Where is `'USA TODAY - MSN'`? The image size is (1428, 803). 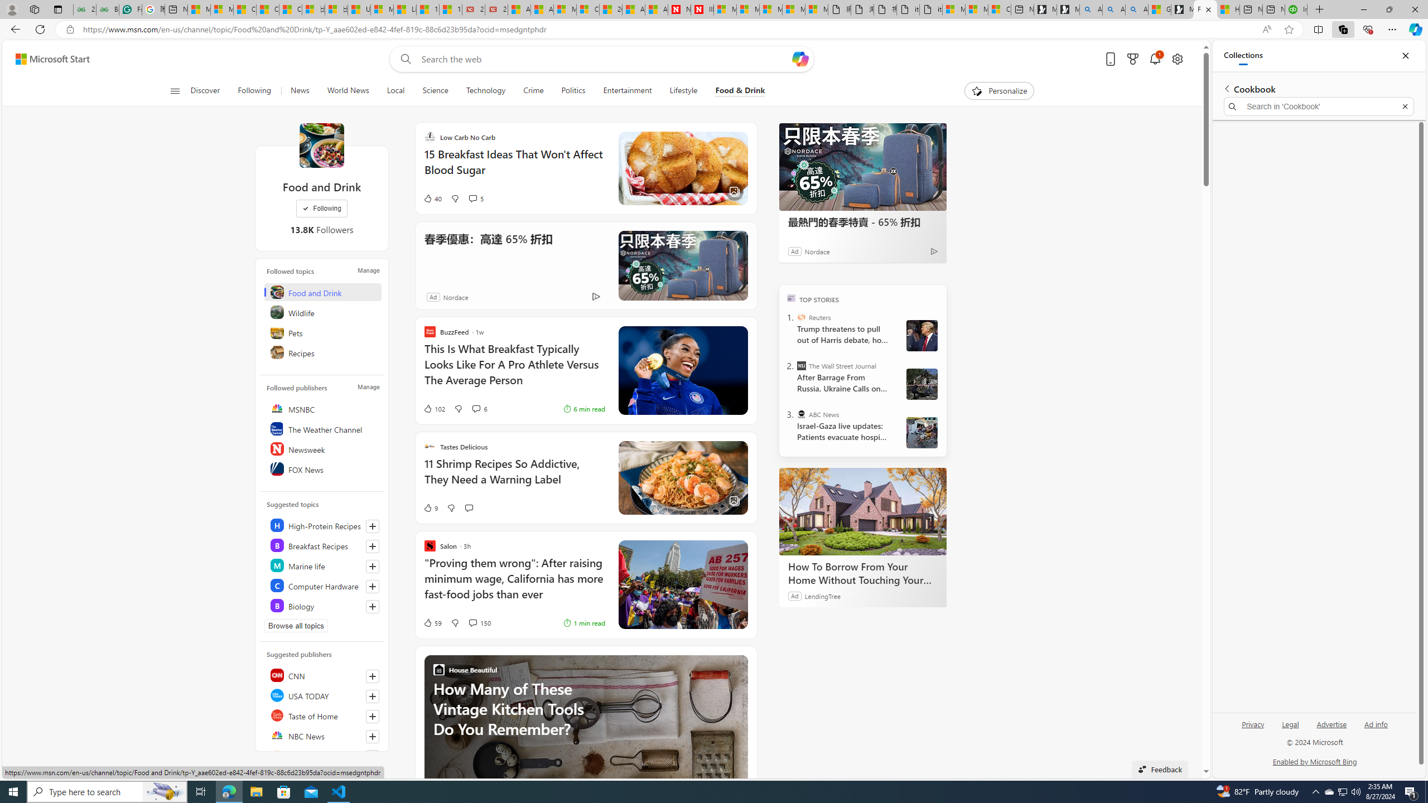 'USA TODAY - MSN' is located at coordinates (359, 9).